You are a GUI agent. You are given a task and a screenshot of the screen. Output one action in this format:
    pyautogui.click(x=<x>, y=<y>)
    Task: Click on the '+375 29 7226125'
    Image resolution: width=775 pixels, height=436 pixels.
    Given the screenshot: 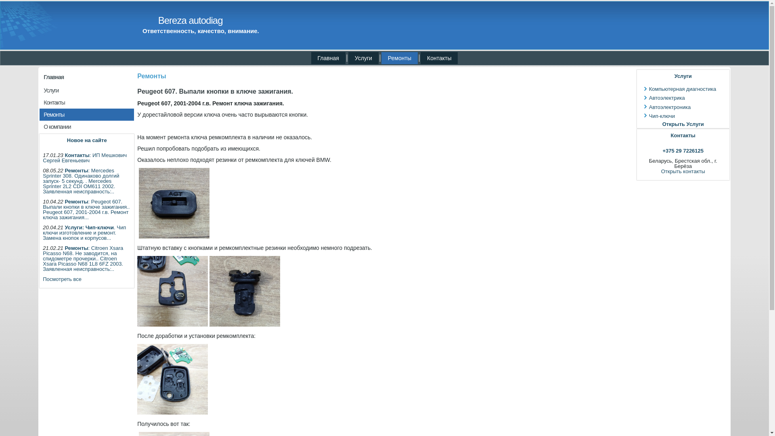 What is the action you would take?
    pyautogui.click(x=683, y=151)
    